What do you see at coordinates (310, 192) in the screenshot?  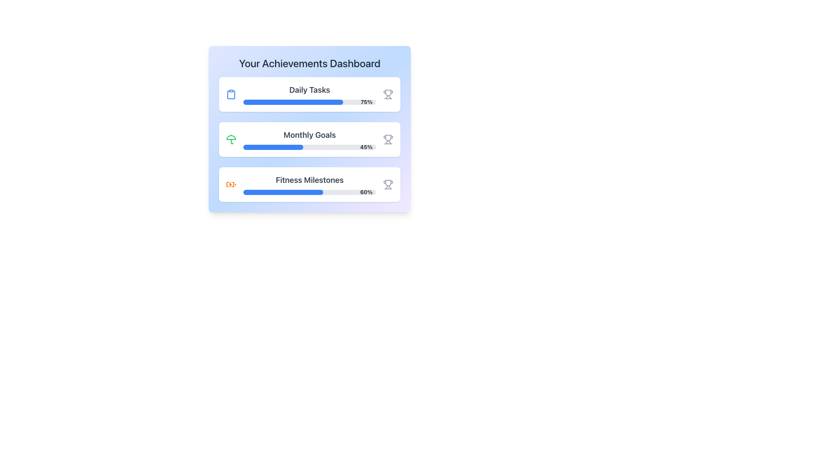 I see `the completion percentage of the third progress bar in the 'Fitness Milestones' section, located at the bottom of the 'Your Achievements Dashboard' panel` at bounding box center [310, 192].